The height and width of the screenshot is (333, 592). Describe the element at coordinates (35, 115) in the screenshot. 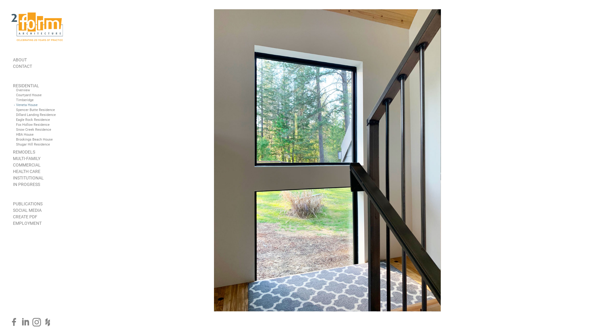

I see `'Dillard Landing Residence'` at that location.